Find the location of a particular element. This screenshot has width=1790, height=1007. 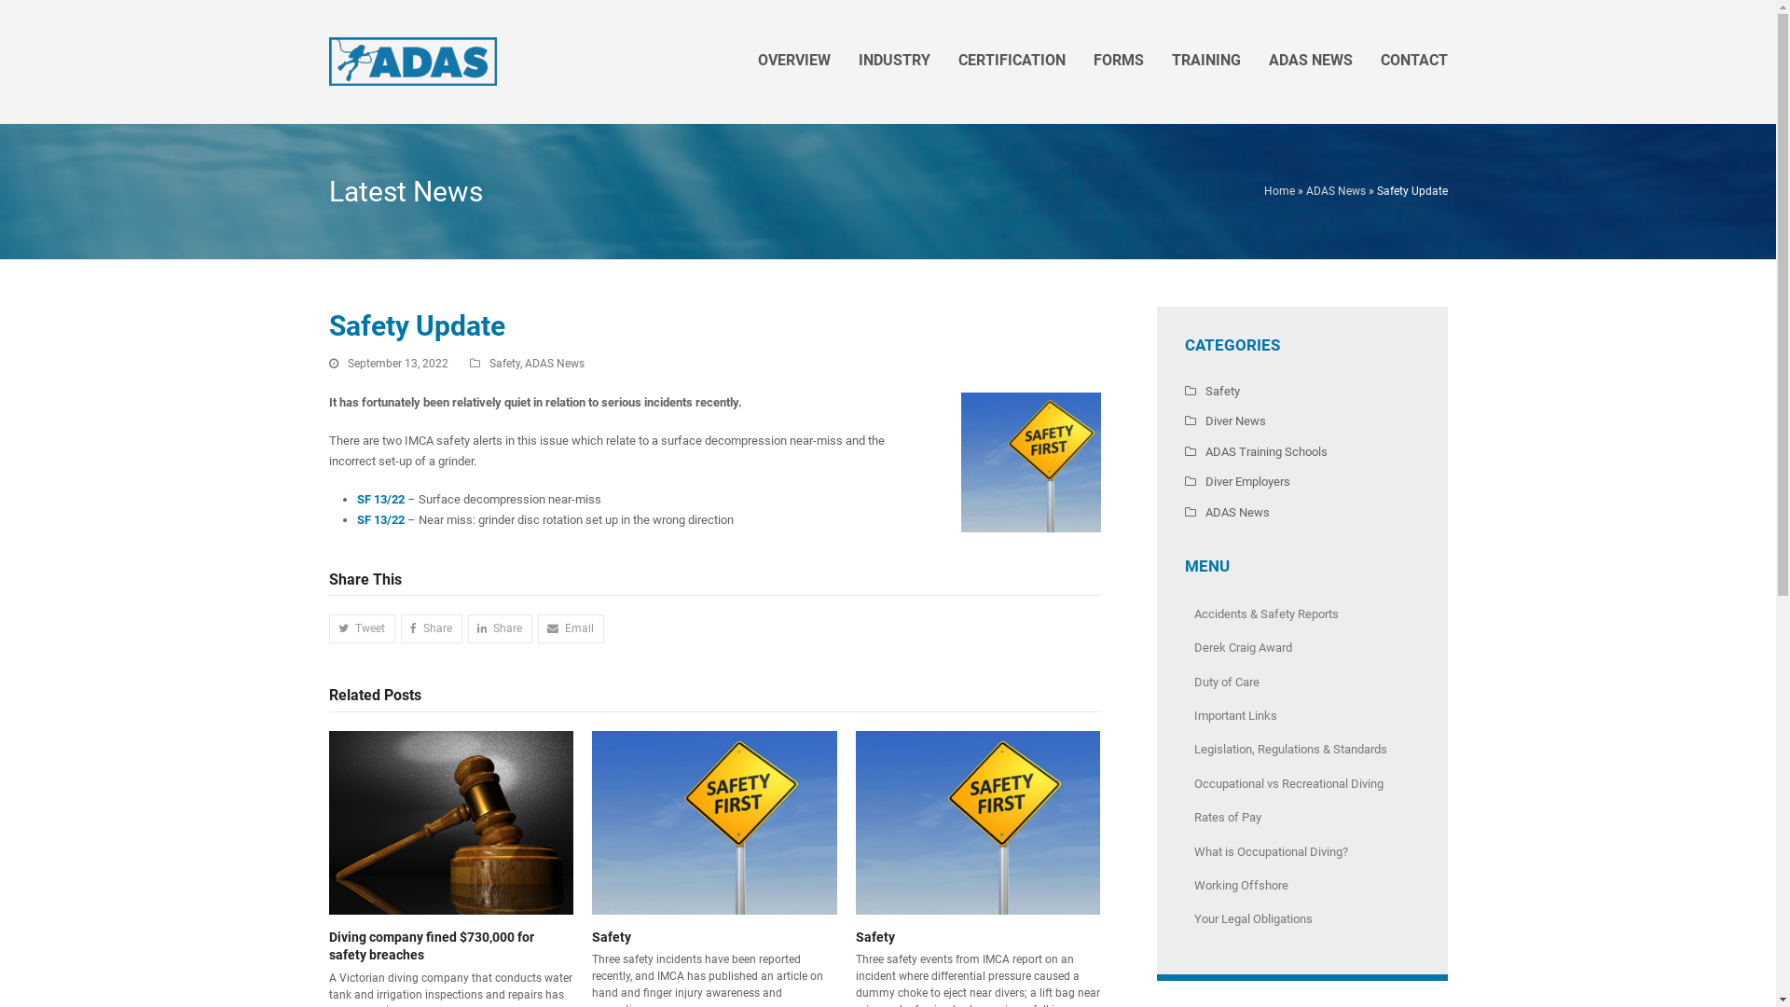

'ADAS News' is located at coordinates (1333, 190).